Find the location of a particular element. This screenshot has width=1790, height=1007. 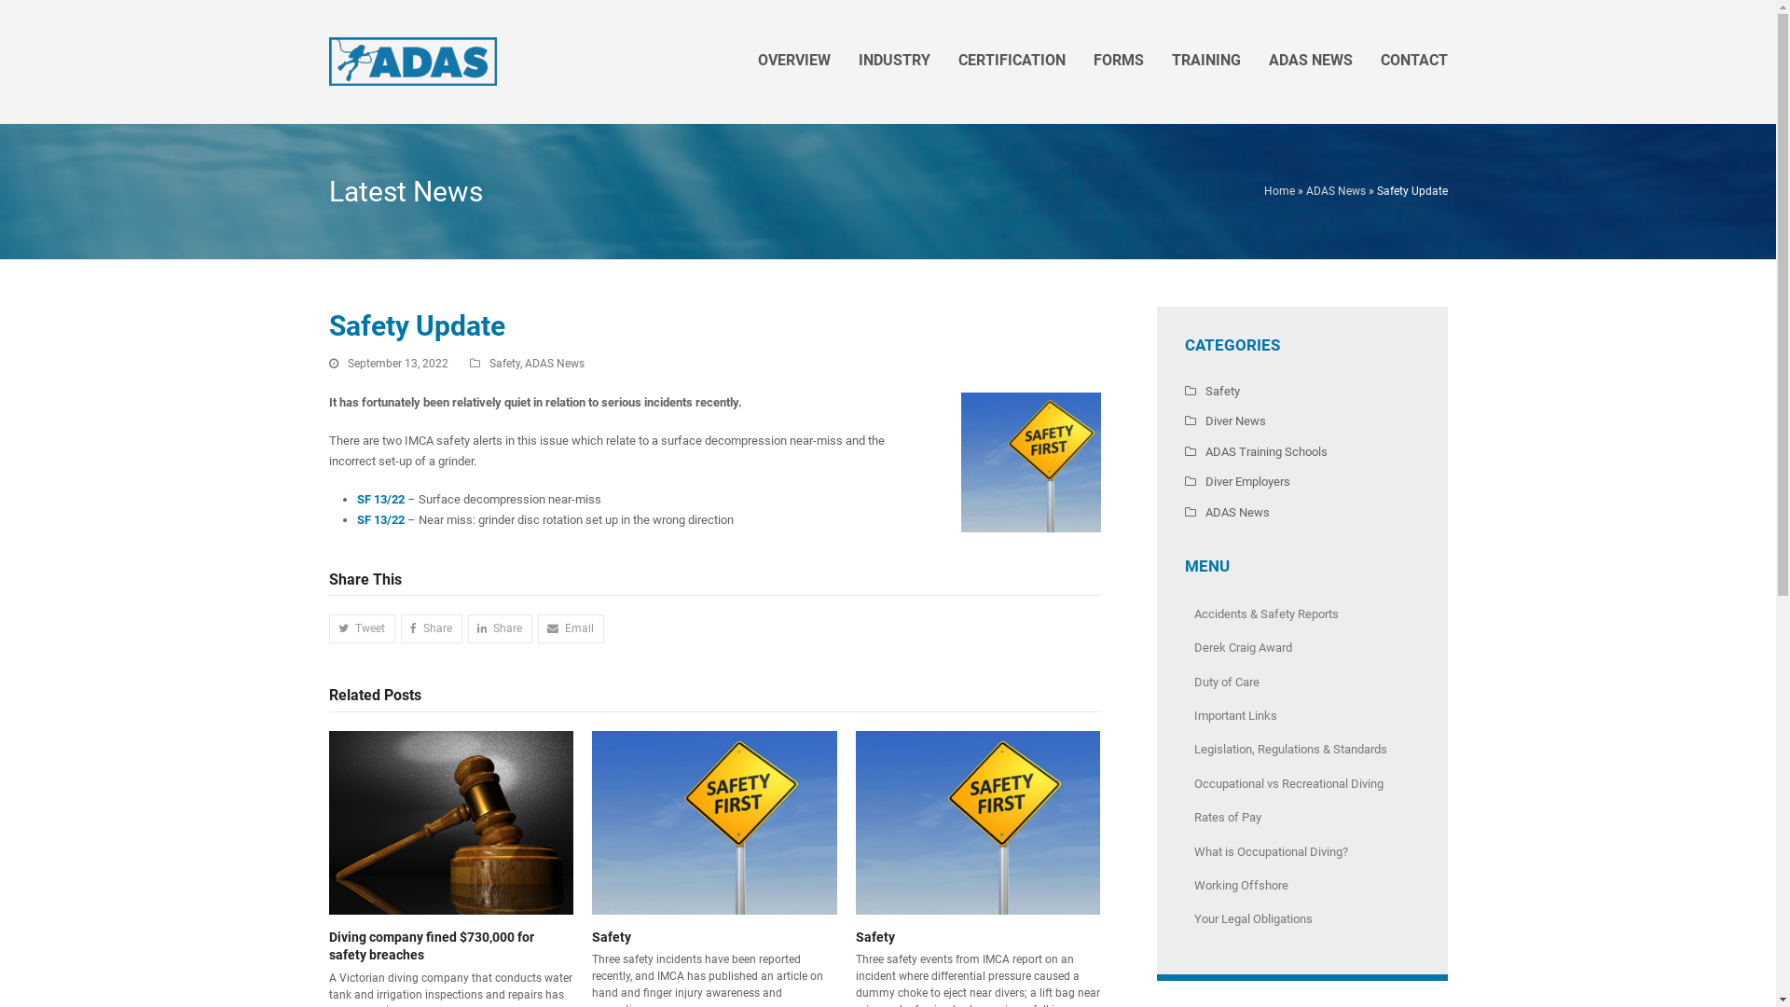

'ADAS News' is located at coordinates (1333, 190).